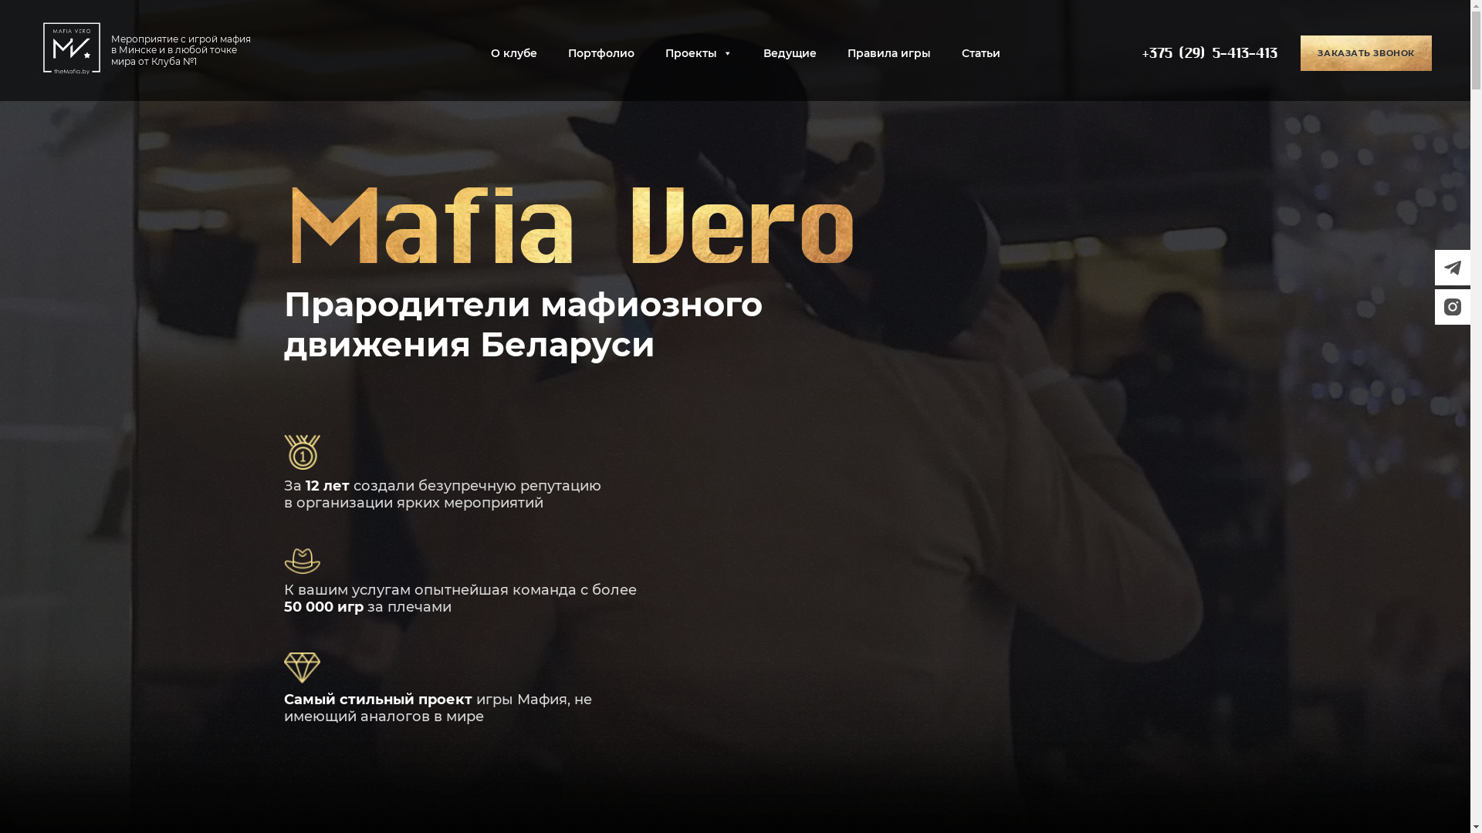 This screenshot has width=1482, height=833. I want to click on '+375 (29) 5-413-413', so click(1208, 52).